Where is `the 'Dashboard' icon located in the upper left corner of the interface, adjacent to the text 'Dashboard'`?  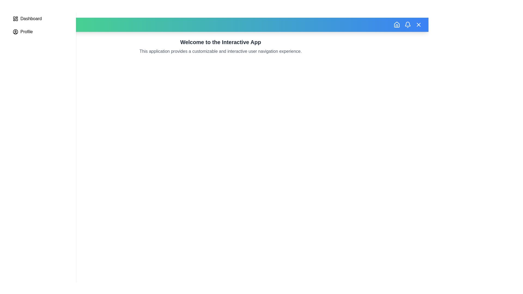
the 'Dashboard' icon located in the upper left corner of the interface, adjacent to the text 'Dashboard' is located at coordinates (16, 19).